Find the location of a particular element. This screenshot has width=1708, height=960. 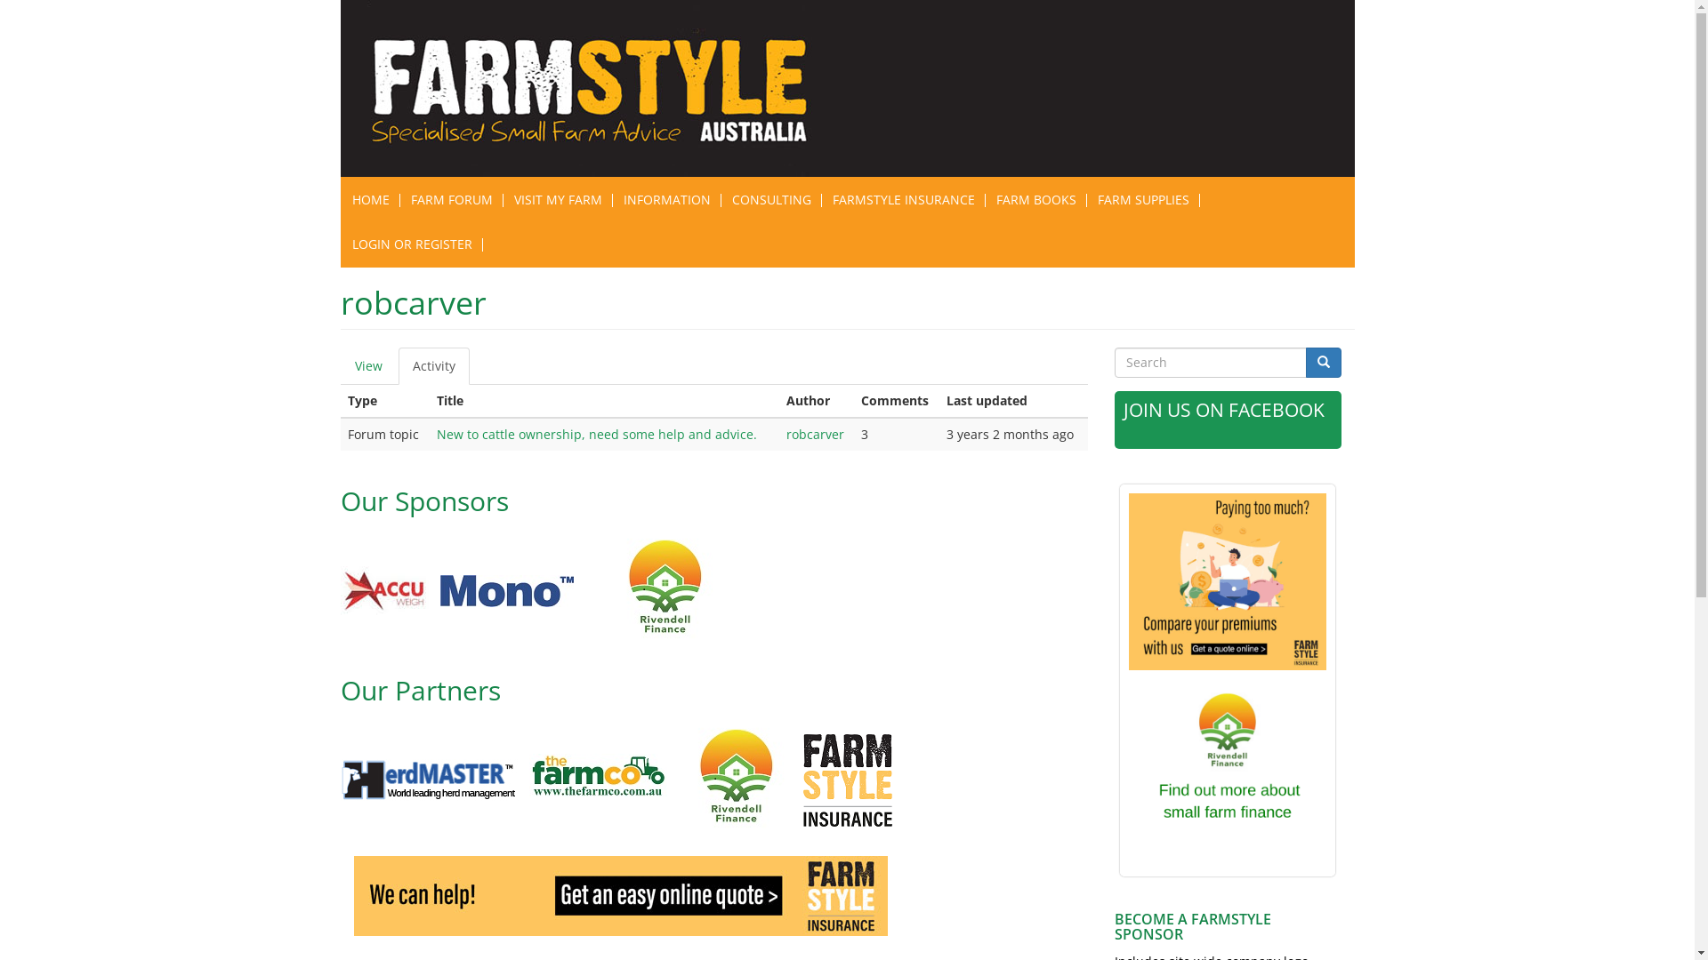

'JOIN US ON FACEBOOK' is located at coordinates (1122, 410).